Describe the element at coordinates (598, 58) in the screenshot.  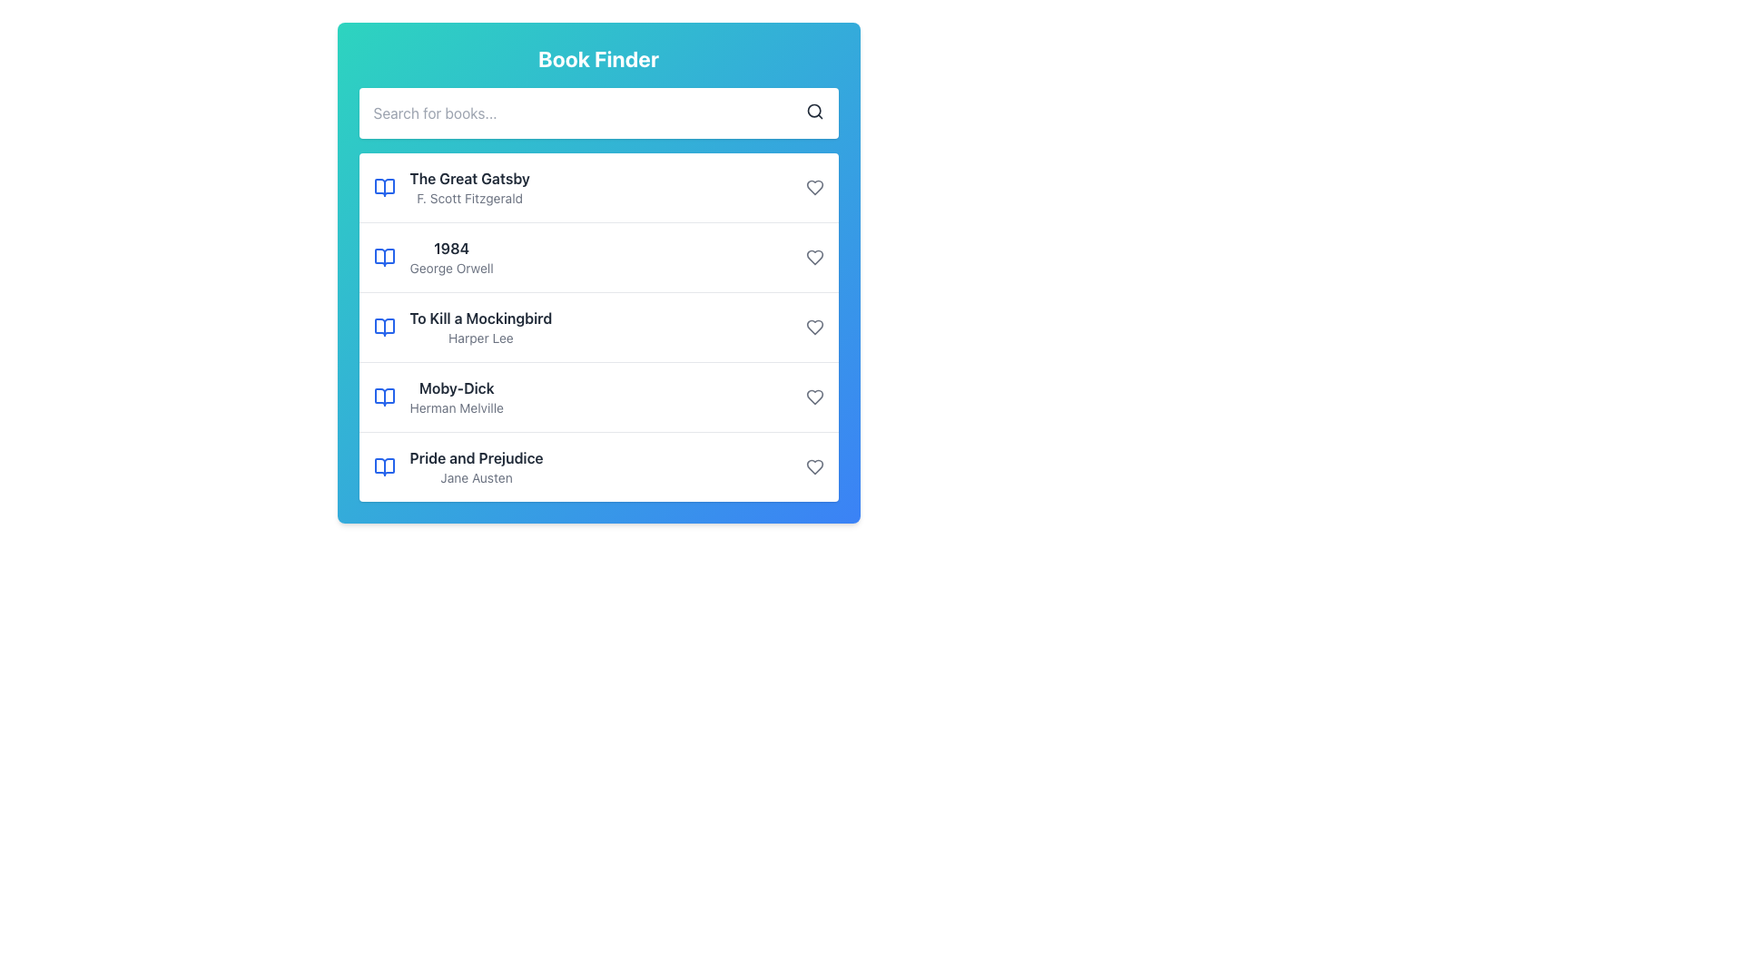
I see `the text label displaying 'Book Finder', which is bold and centered on a gradient background at the top of the card-like interface` at that location.